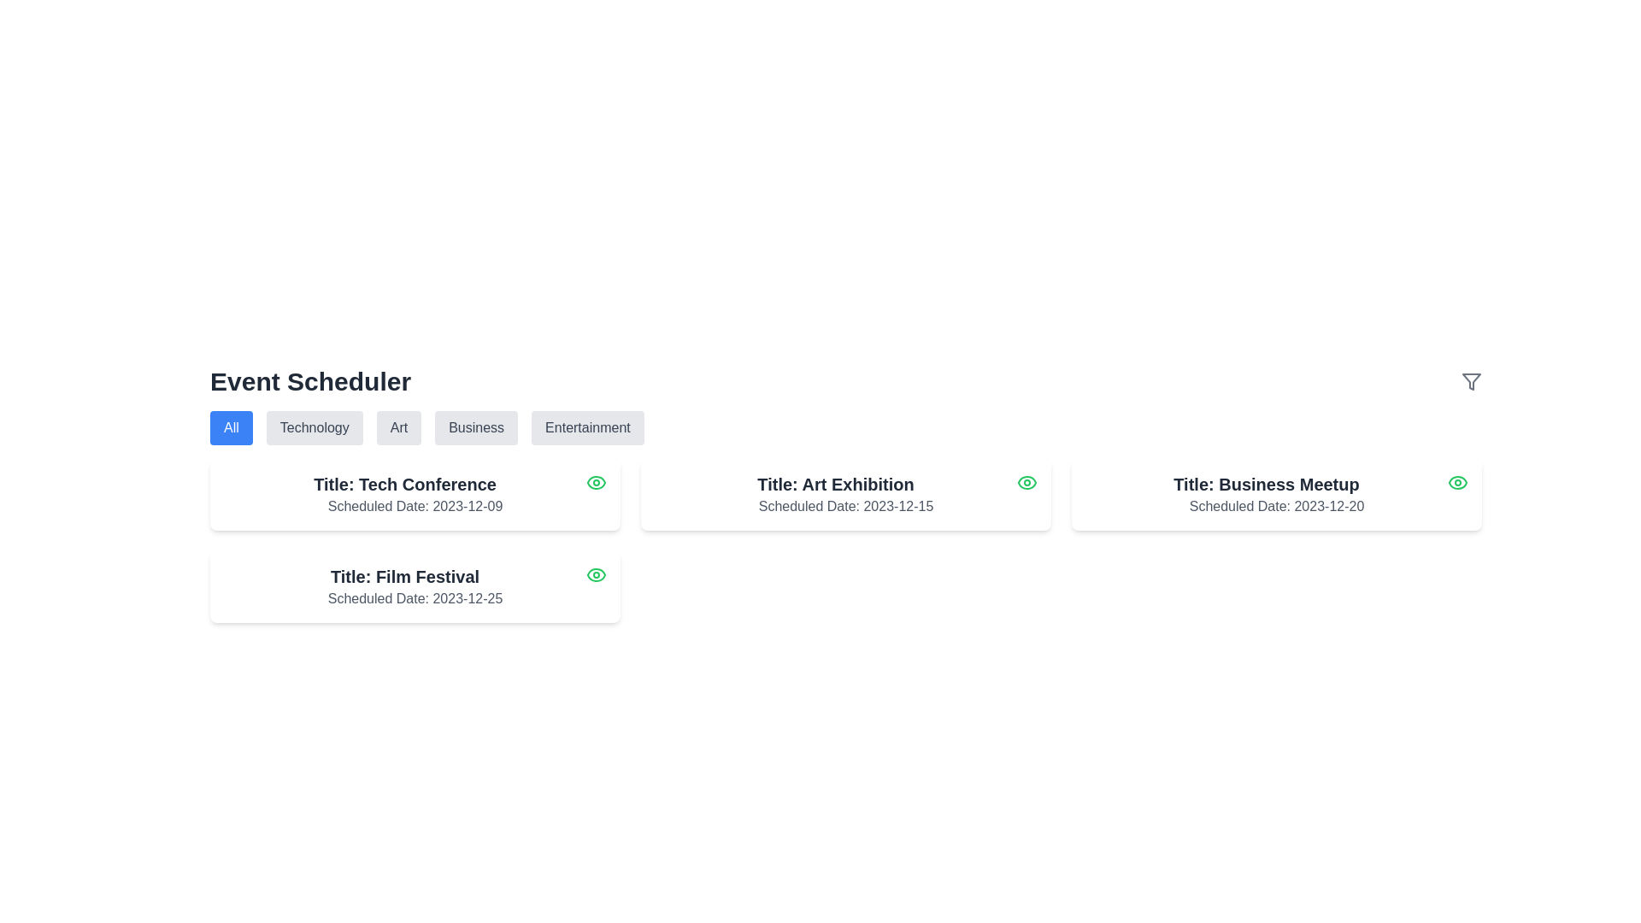  What do you see at coordinates (315, 427) in the screenshot?
I see `the 'Technology' button` at bounding box center [315, 427].